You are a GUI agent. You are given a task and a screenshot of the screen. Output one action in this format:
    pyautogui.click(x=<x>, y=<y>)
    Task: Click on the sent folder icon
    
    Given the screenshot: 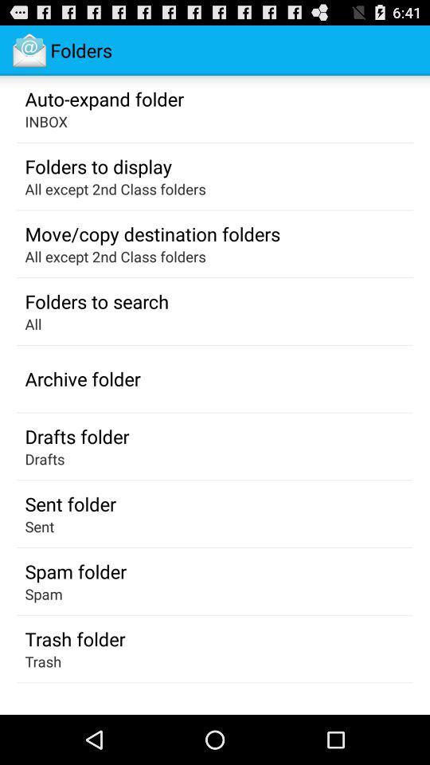 What is the action you would take?
    pyautogui.click(x=69, y=503)
    